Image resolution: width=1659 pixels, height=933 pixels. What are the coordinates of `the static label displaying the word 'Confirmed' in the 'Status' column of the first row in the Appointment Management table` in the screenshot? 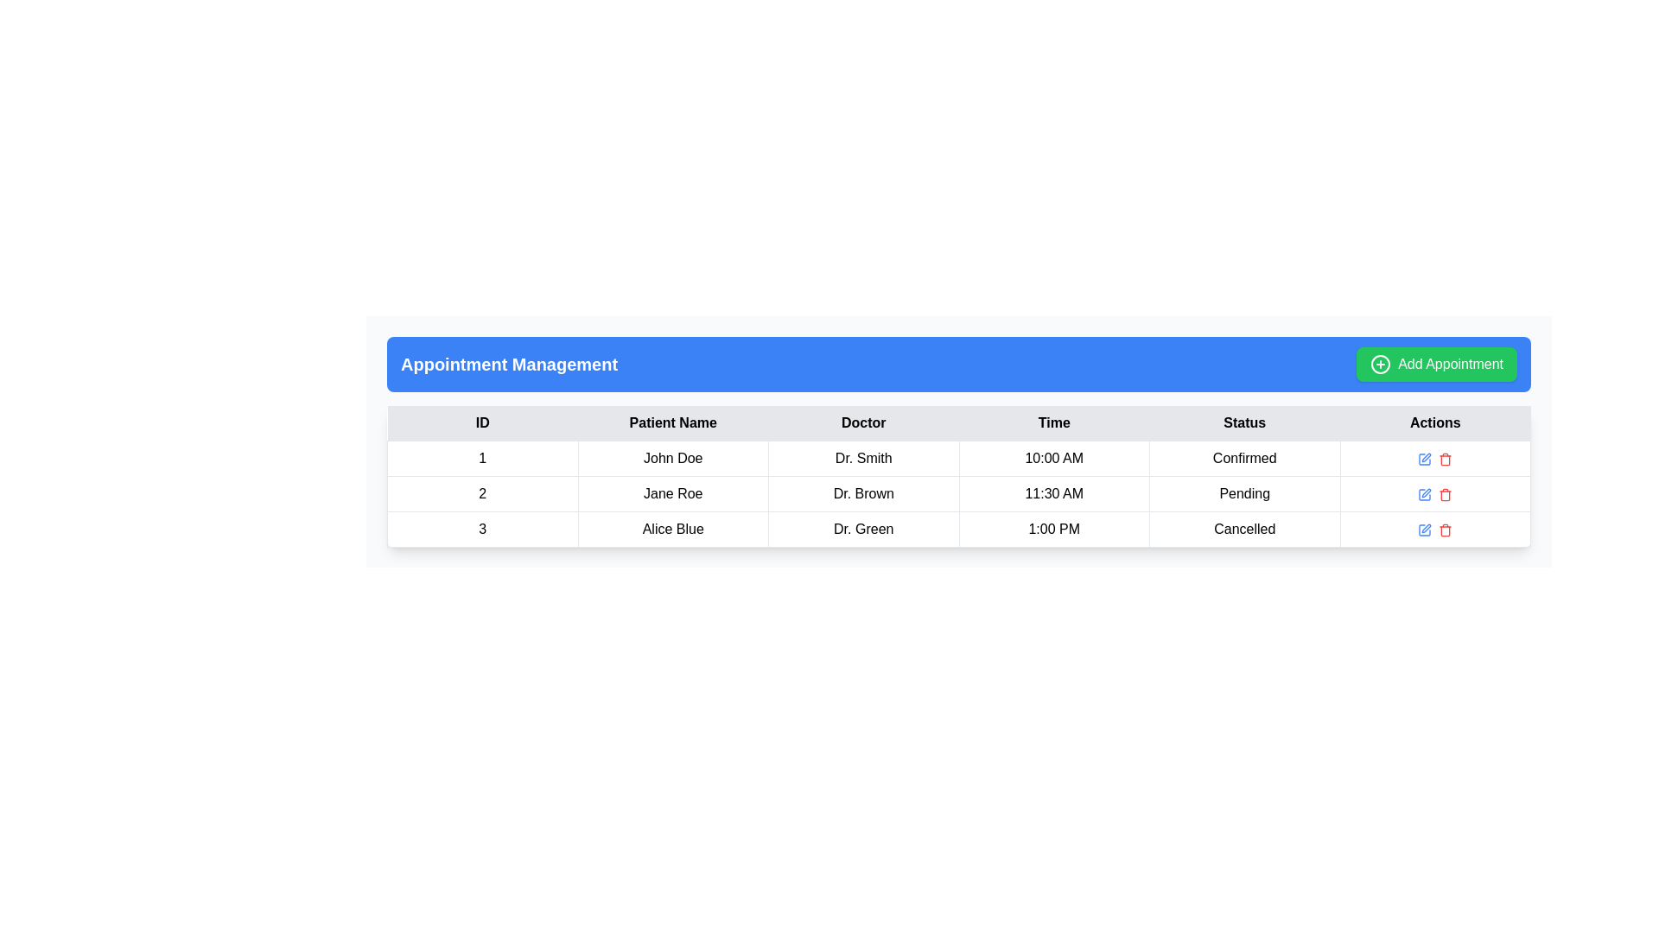 It's located at (1244, 458).